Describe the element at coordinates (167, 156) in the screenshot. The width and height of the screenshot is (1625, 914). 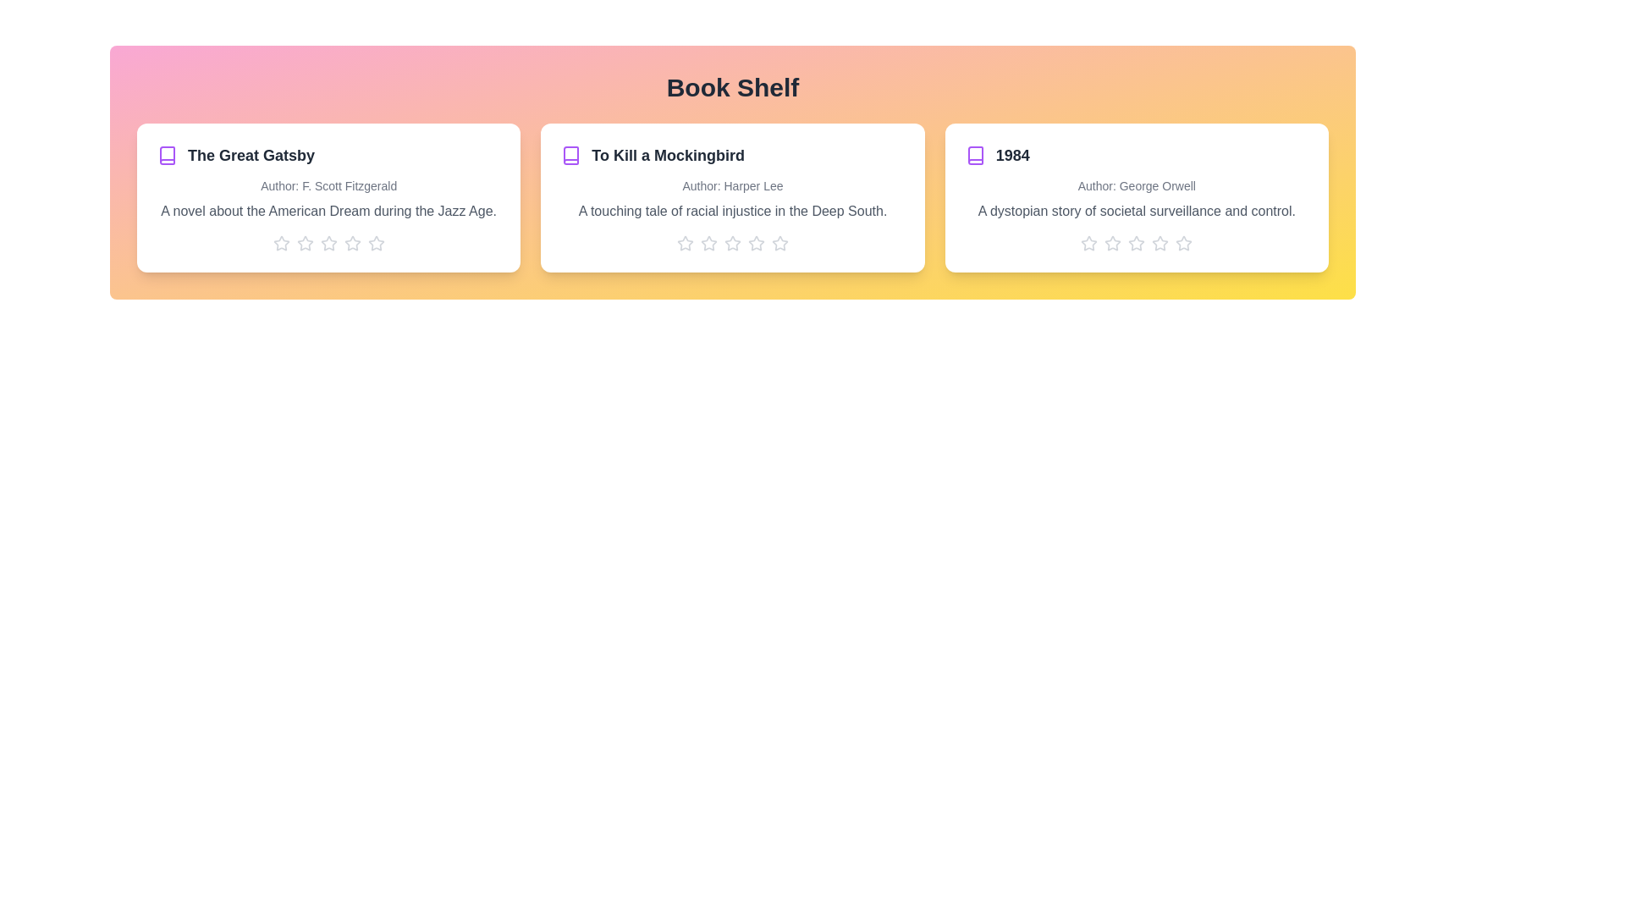
I see `the book icon for 'The Great Gatsby' to highlight its title` at that location.